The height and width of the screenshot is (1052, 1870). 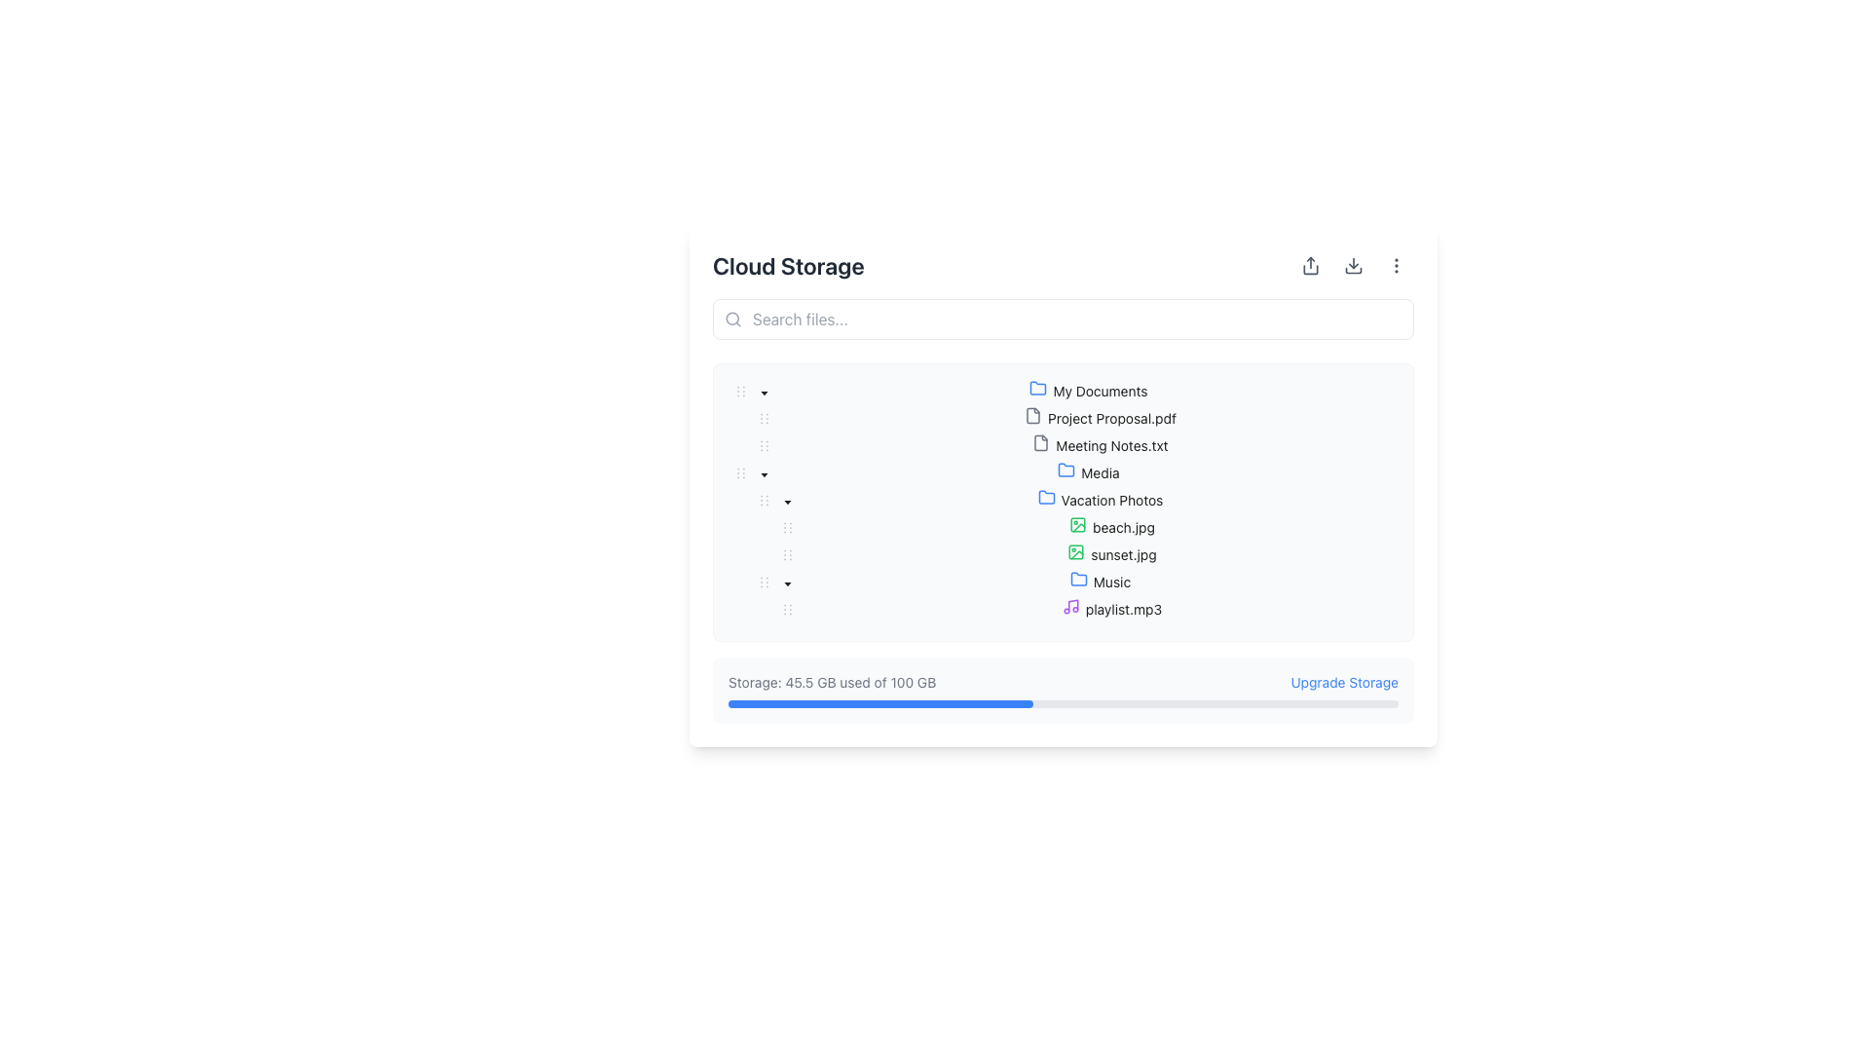 I want to click on file icon for 'Project Proposal.pdf' located in the 'Cloud Storage' interface by clicking on its center, so click(x=1032, y=415).